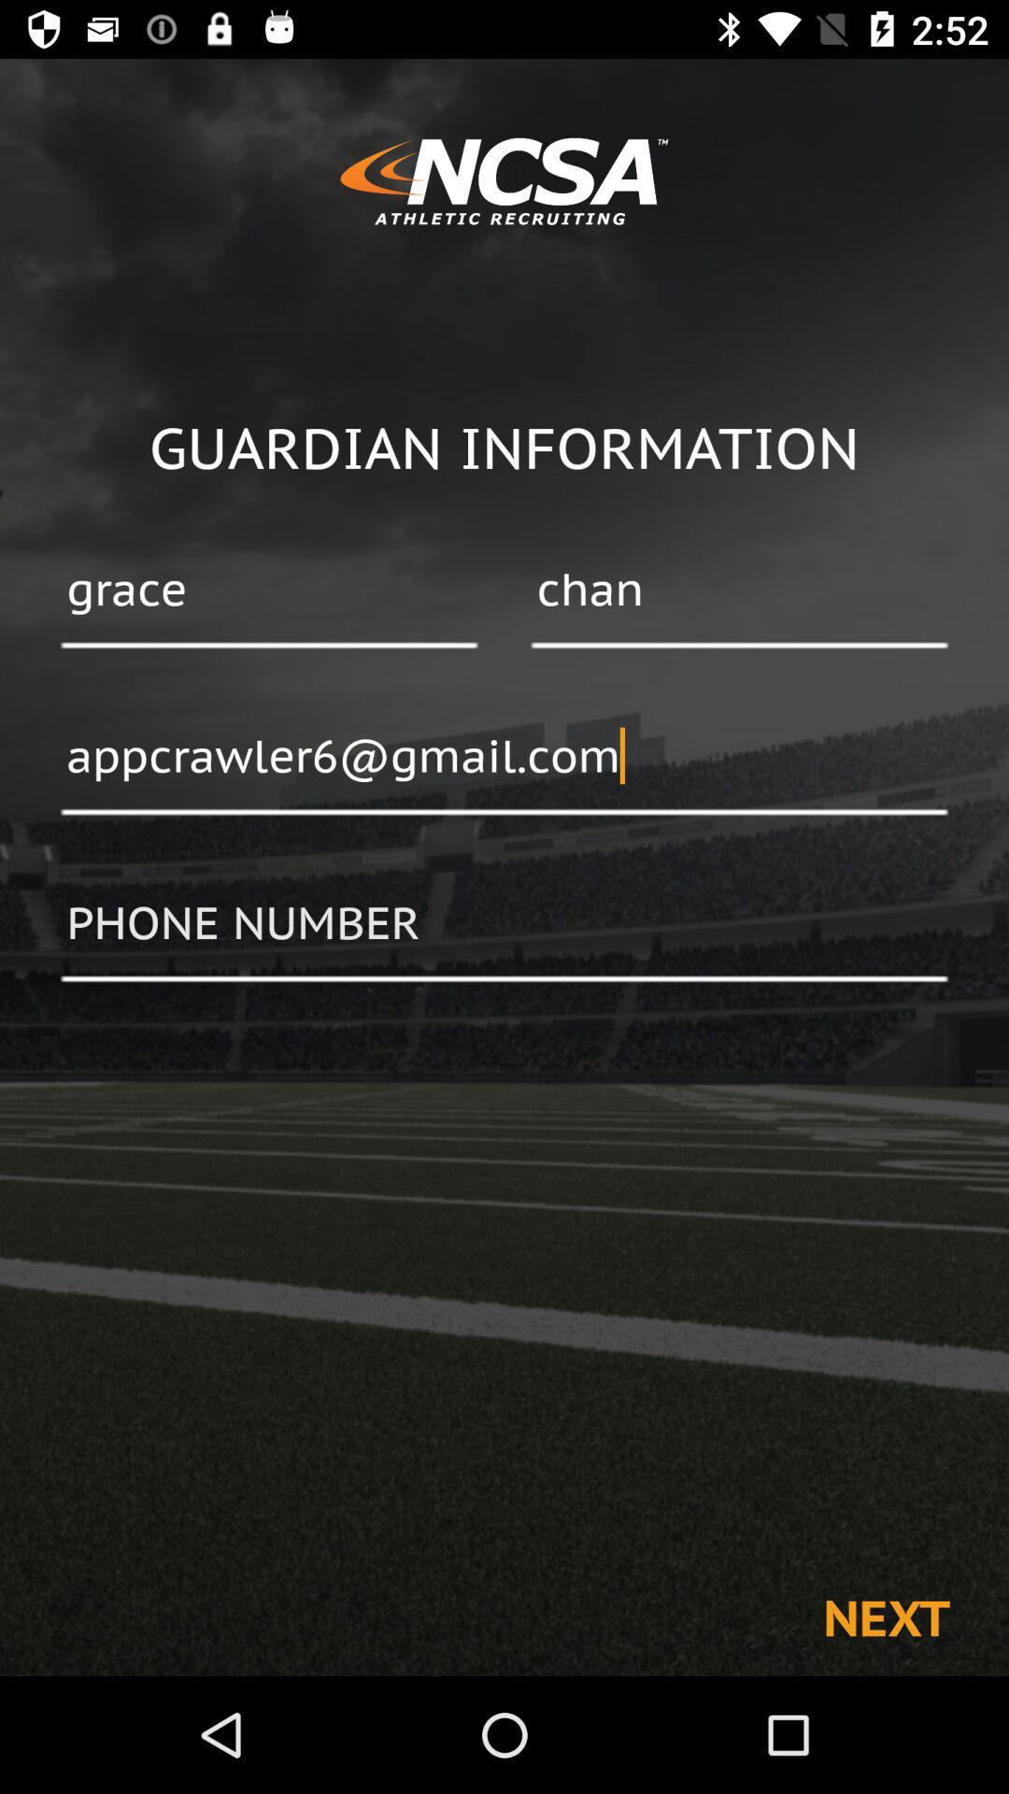  What do you see at coordinates (504, 924) in the screenshot?
I see `item above the next item` at bounding box center [504, 924].